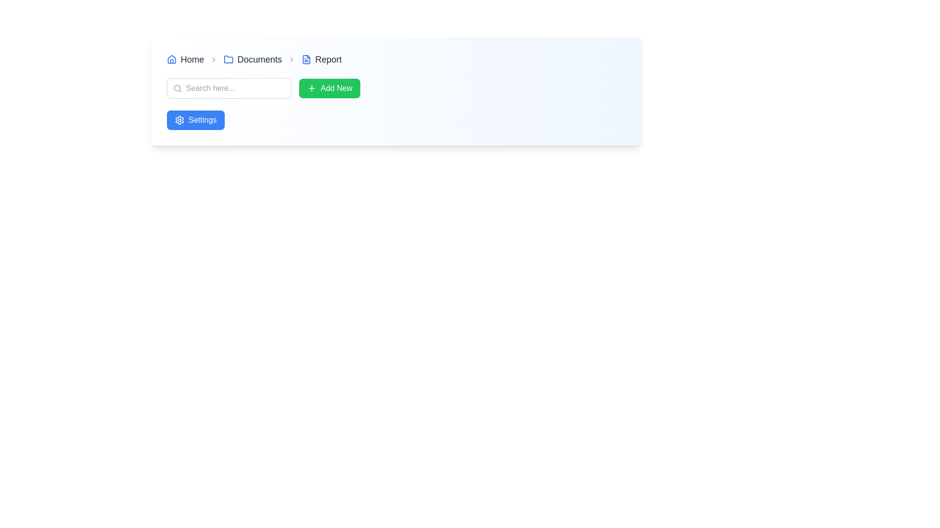 The height and width of the screenshot is (528, 940). What do you see at coordinates (213, 60) in the screenshot?
I see `the right-pointing chevron icon in the breadcrumb navigation, located to the right of the 'Home' text and icon` at bounding box center [213, 60].